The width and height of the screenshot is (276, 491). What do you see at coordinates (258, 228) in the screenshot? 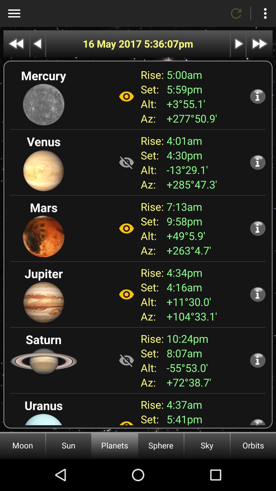
I see `additional information` at bounding box center [258, 228].